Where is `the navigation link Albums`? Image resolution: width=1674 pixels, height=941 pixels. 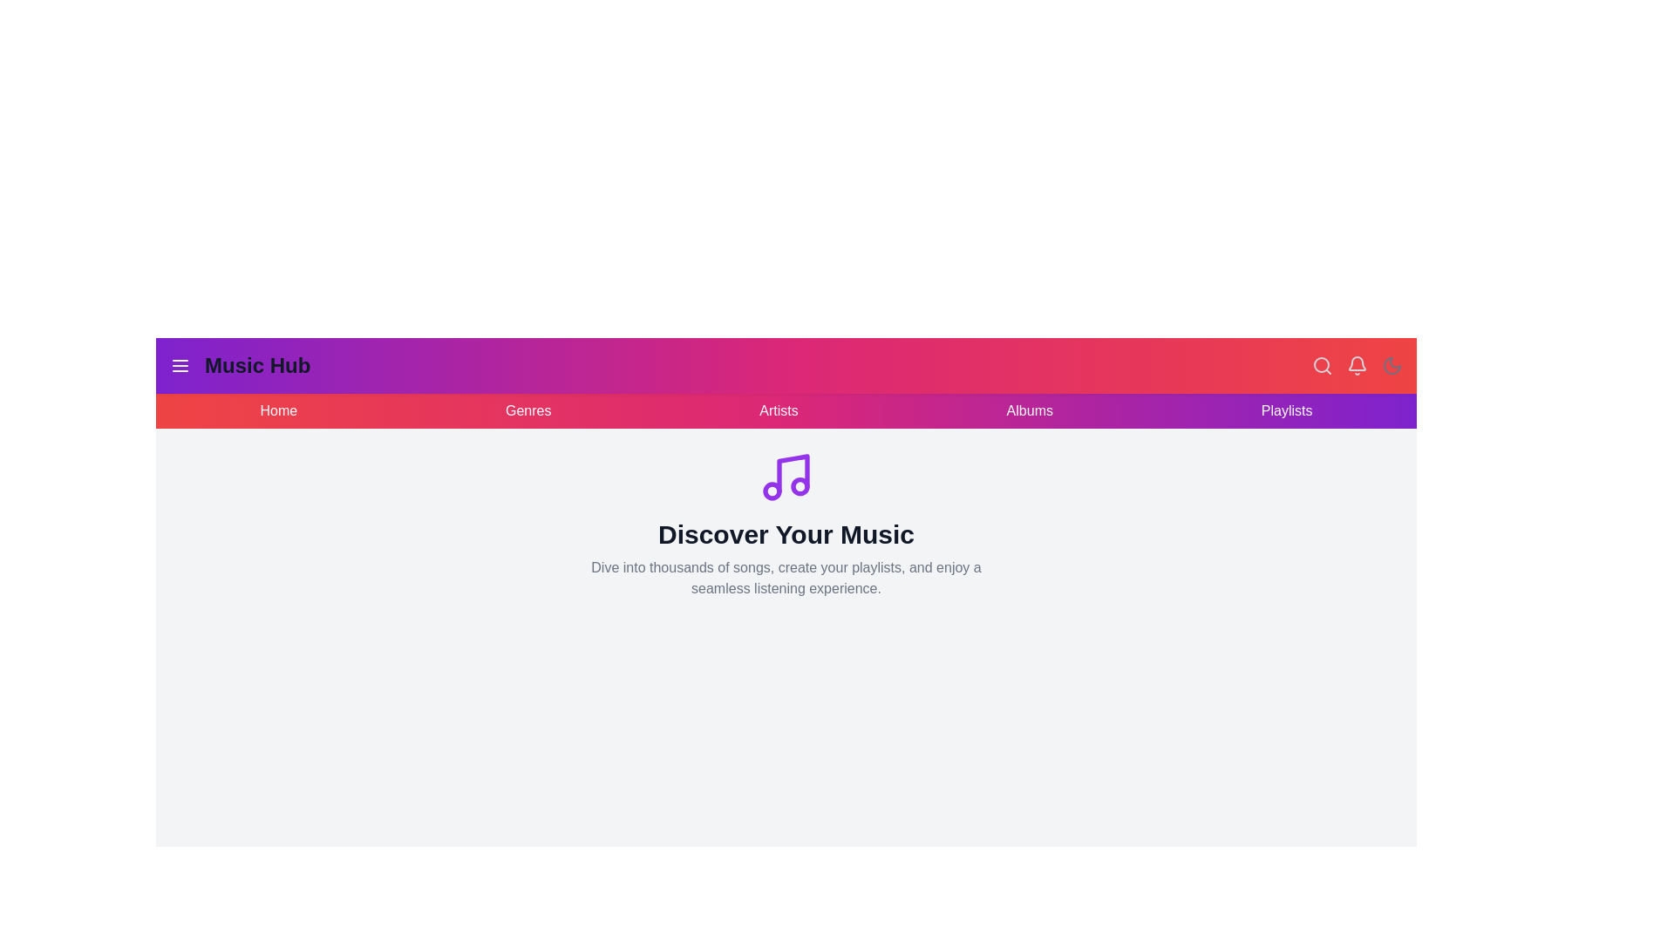
the navigation link Albums is located at coordinates (1030, 410).